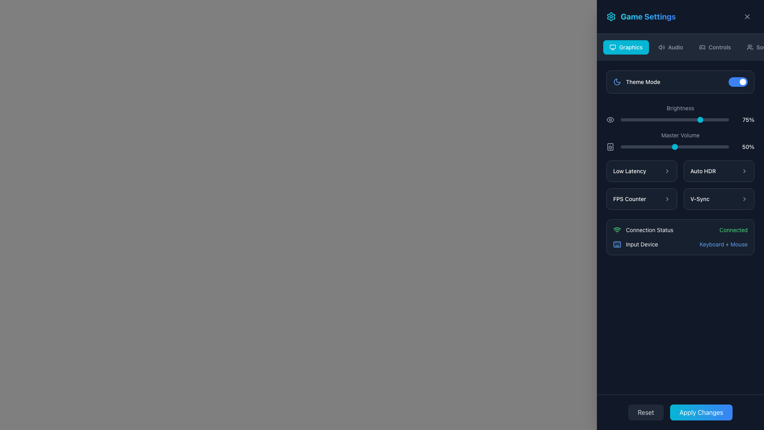 This screenshot has width=764, height=430. Describe the element at coordinates (719, 199) in the screenshot. I see `the 'V-Sync' button located in the bottom-right cell of the graphics settings panel to observe its hover effect` at that location.